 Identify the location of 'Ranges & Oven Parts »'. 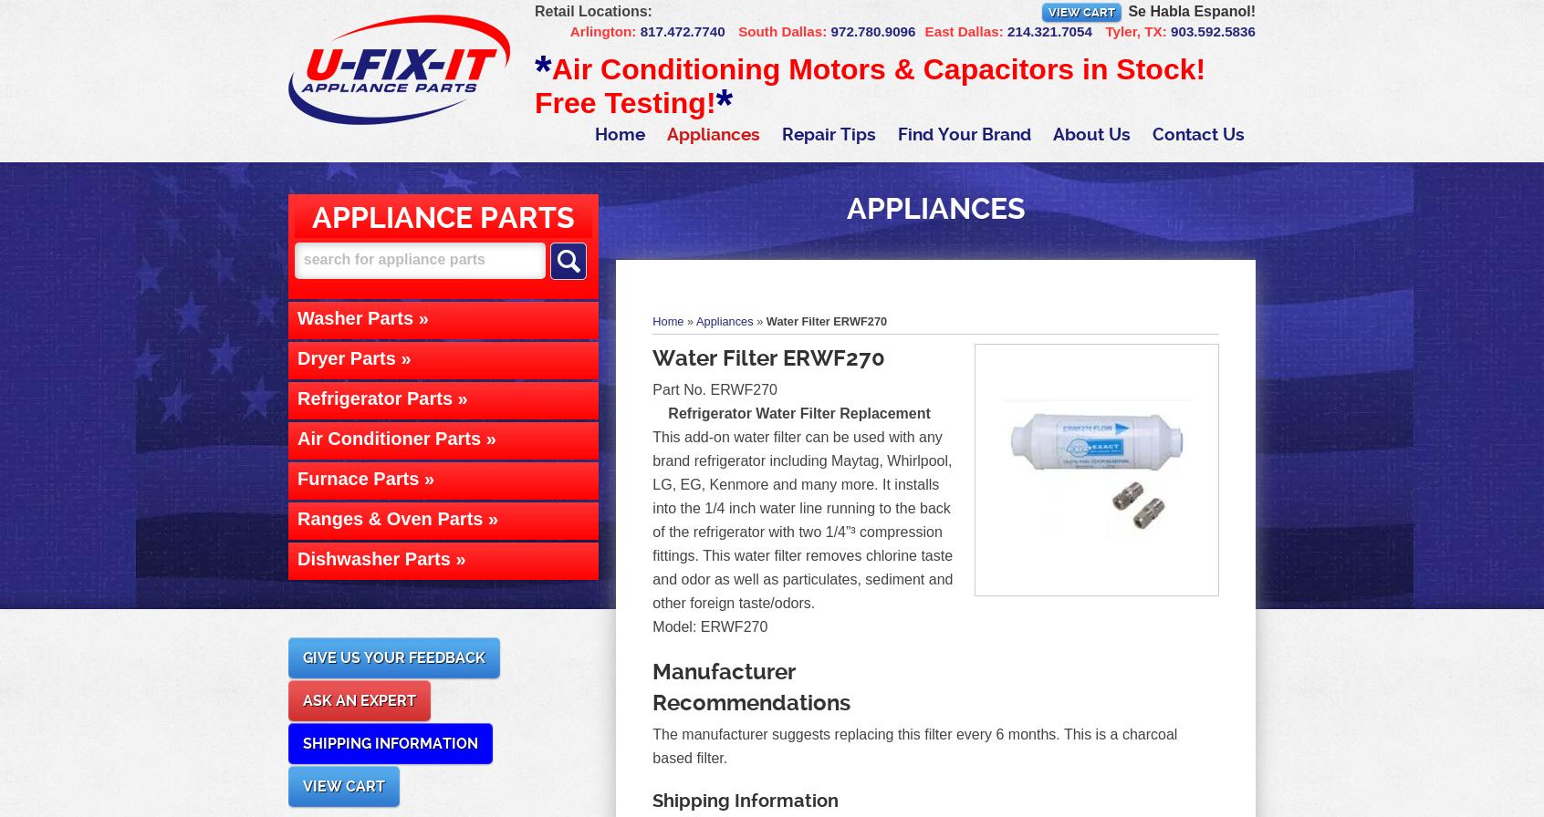
(397, 517).